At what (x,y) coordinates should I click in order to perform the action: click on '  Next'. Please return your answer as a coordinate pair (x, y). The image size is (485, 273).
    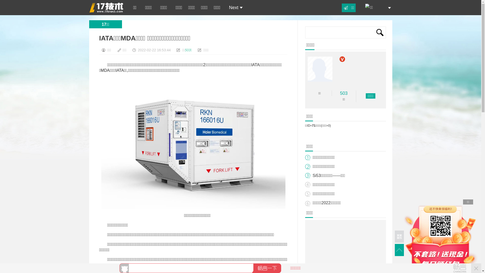
    Looking at the image, I should click on (234, 8).